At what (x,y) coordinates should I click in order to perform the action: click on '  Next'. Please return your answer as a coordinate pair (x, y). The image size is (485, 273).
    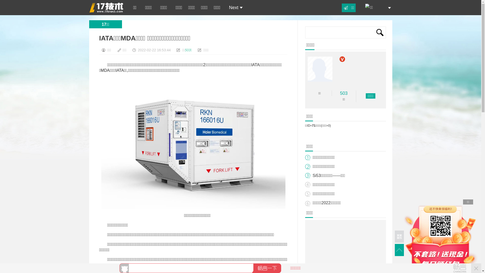
    Looking at the image, I should click on (234, 8).